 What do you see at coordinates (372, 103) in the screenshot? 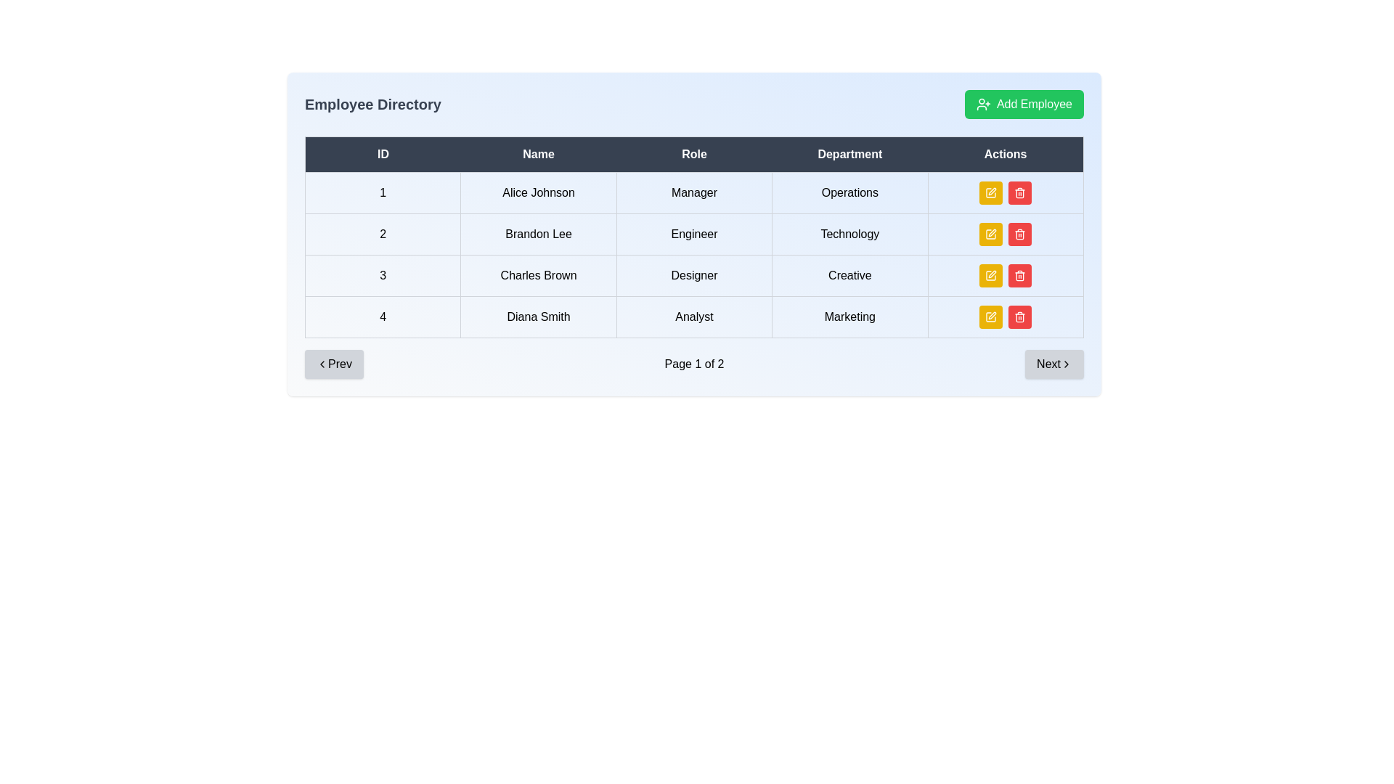
I see `the 'Employee Directory' heading, which serves as a title for the section indicating it is related to the Employee Directory` at bounding box center [372, 103].